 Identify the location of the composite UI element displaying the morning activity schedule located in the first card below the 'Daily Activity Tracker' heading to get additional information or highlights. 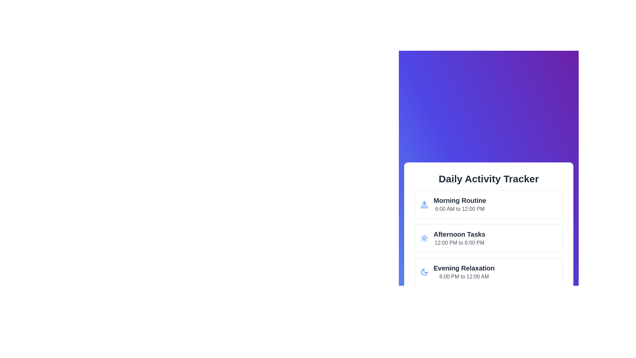
(459, 204).